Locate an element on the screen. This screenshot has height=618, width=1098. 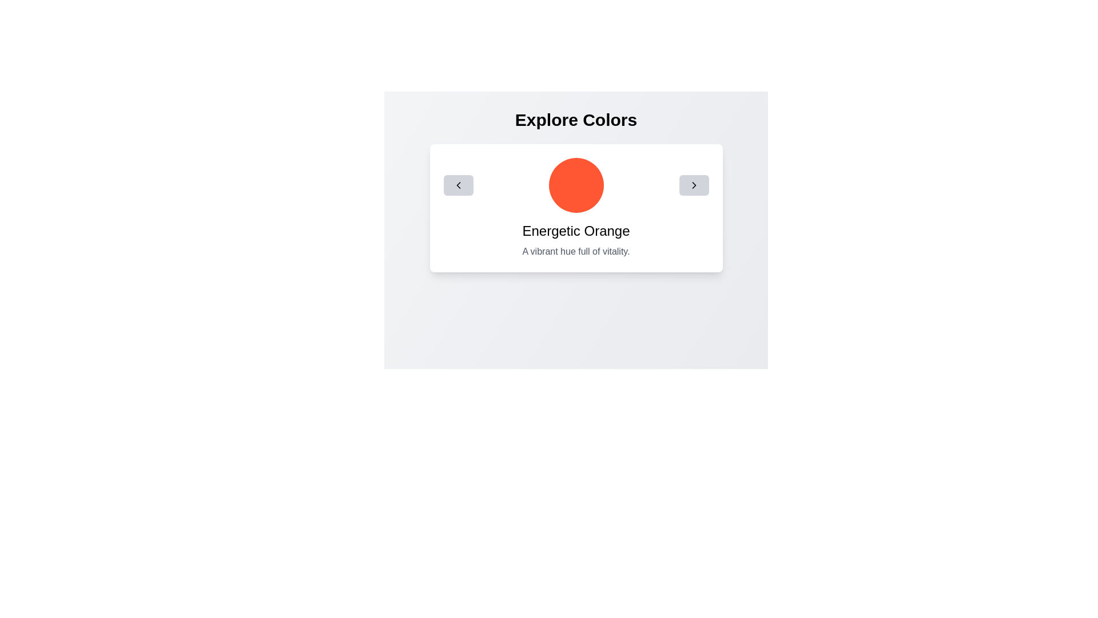
the rectangular button with rounded corners and a light gray background that contains a left-pointing chevron icon is located at coordinates (458, 185).